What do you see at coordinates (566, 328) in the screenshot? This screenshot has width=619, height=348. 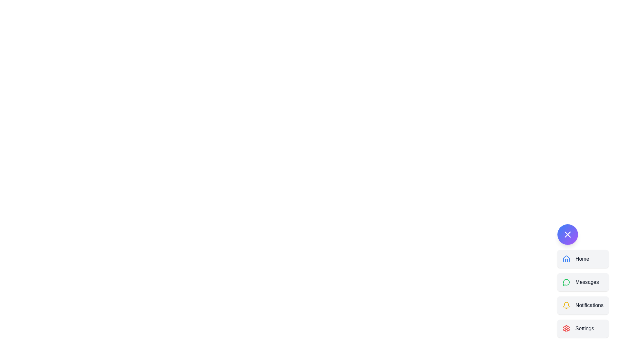 I see `the circular 'Settings' icon located at the bottom right of the menu` at bounding box center [566, 328].